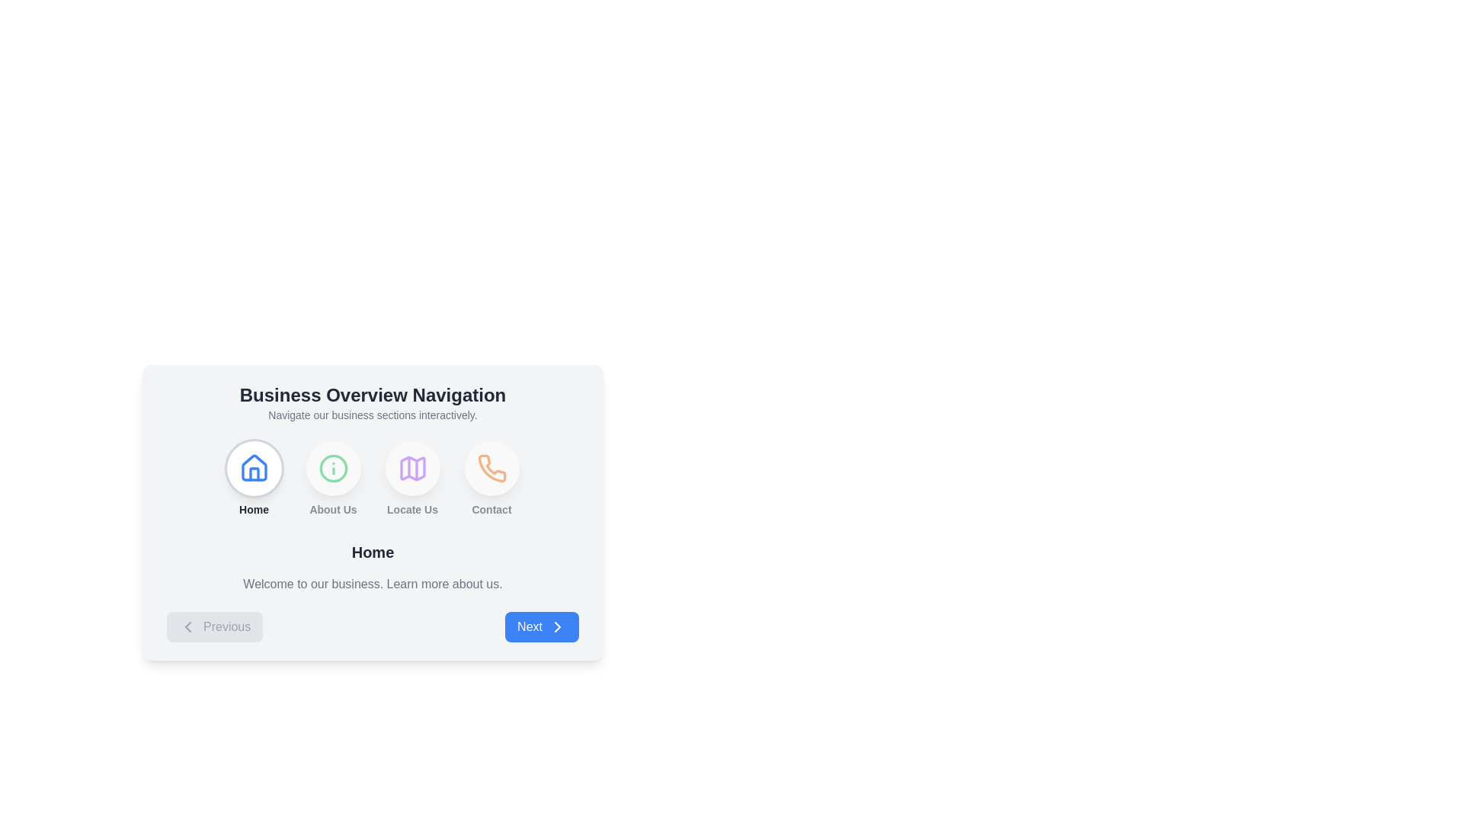  Describe the element at coordinates (491, 467) in the screenshot. I see `the rightmost Icon button labeled 'Contact' at the bottom-right corner of the 'Business Overview Navigation' card` at that location.